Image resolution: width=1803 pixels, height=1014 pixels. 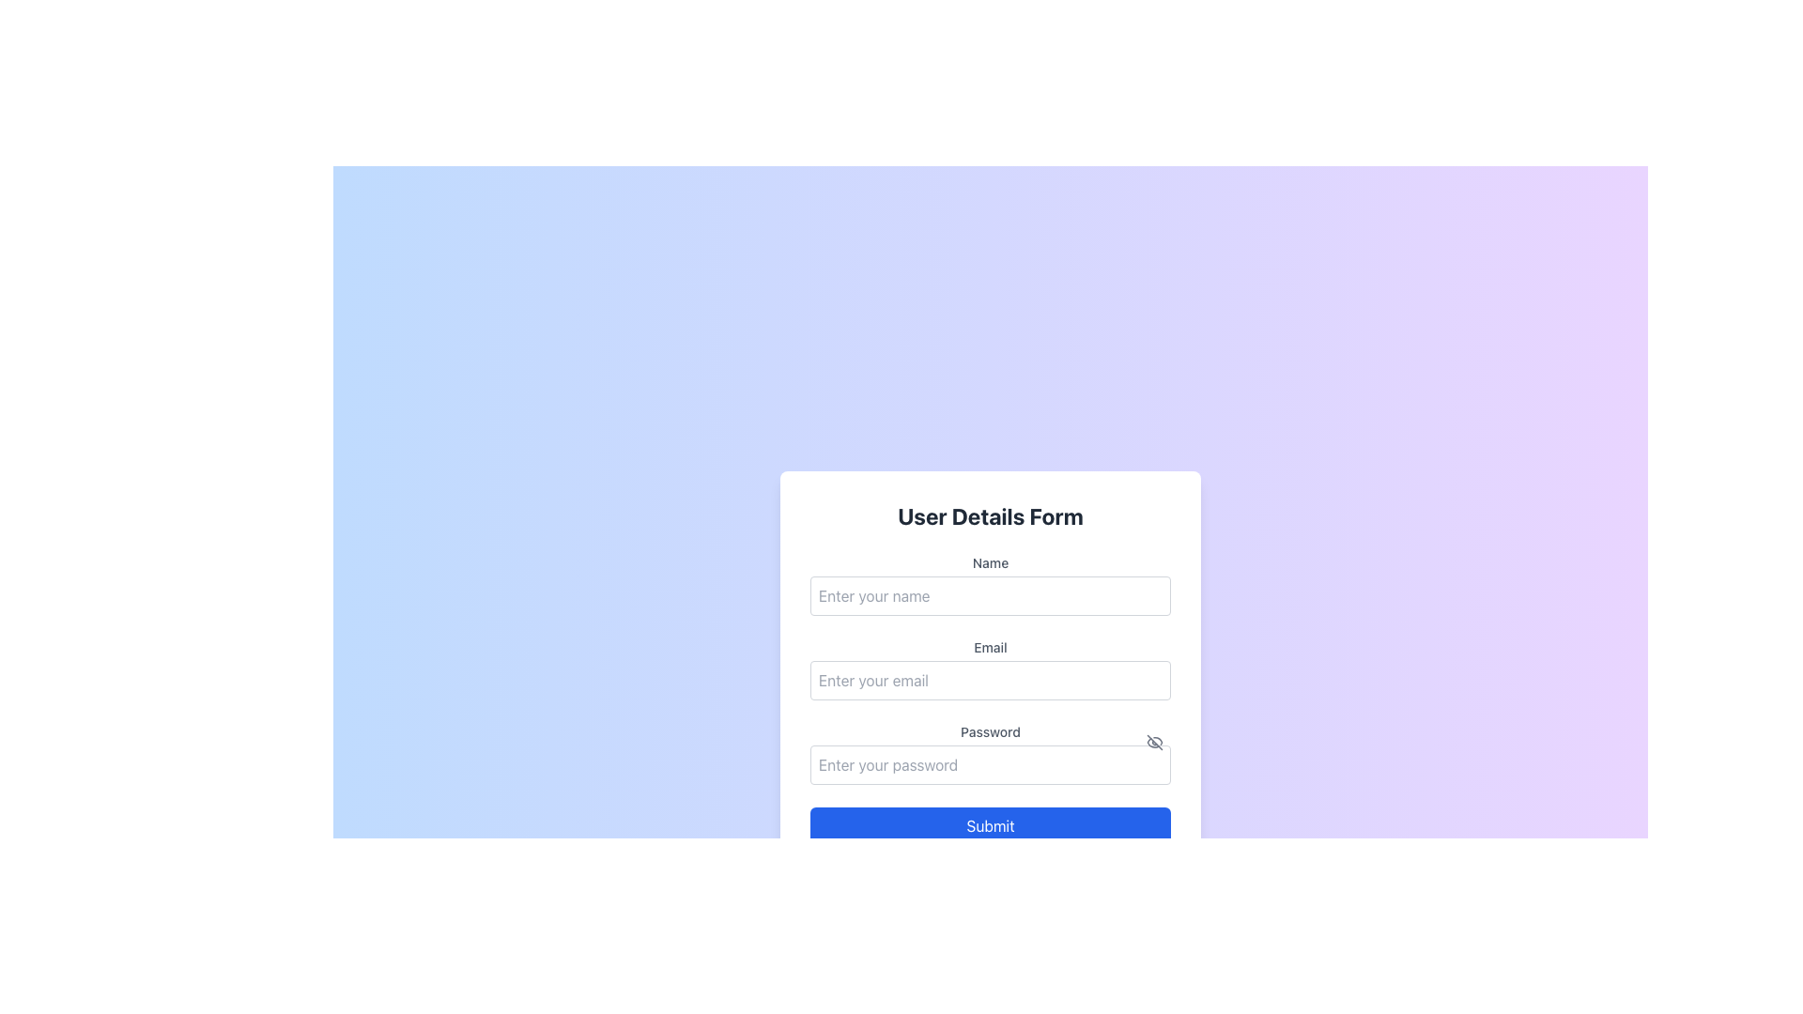 What do you see at coordinates (990, 562) in the screenshot?
I see `the text label that describes the name input field, which is located at the top of the form area, centered horizontally above the input field` at bounding box center [990, 562].